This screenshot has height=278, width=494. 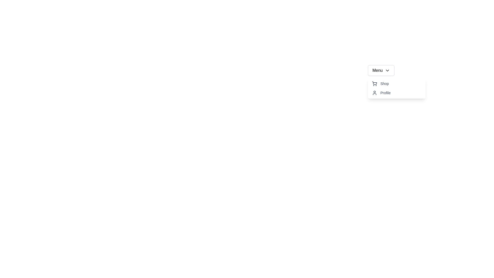 I want to click on the Dropdown Trigger Button located in the top-right area of the section, so click(x=381, y=70).